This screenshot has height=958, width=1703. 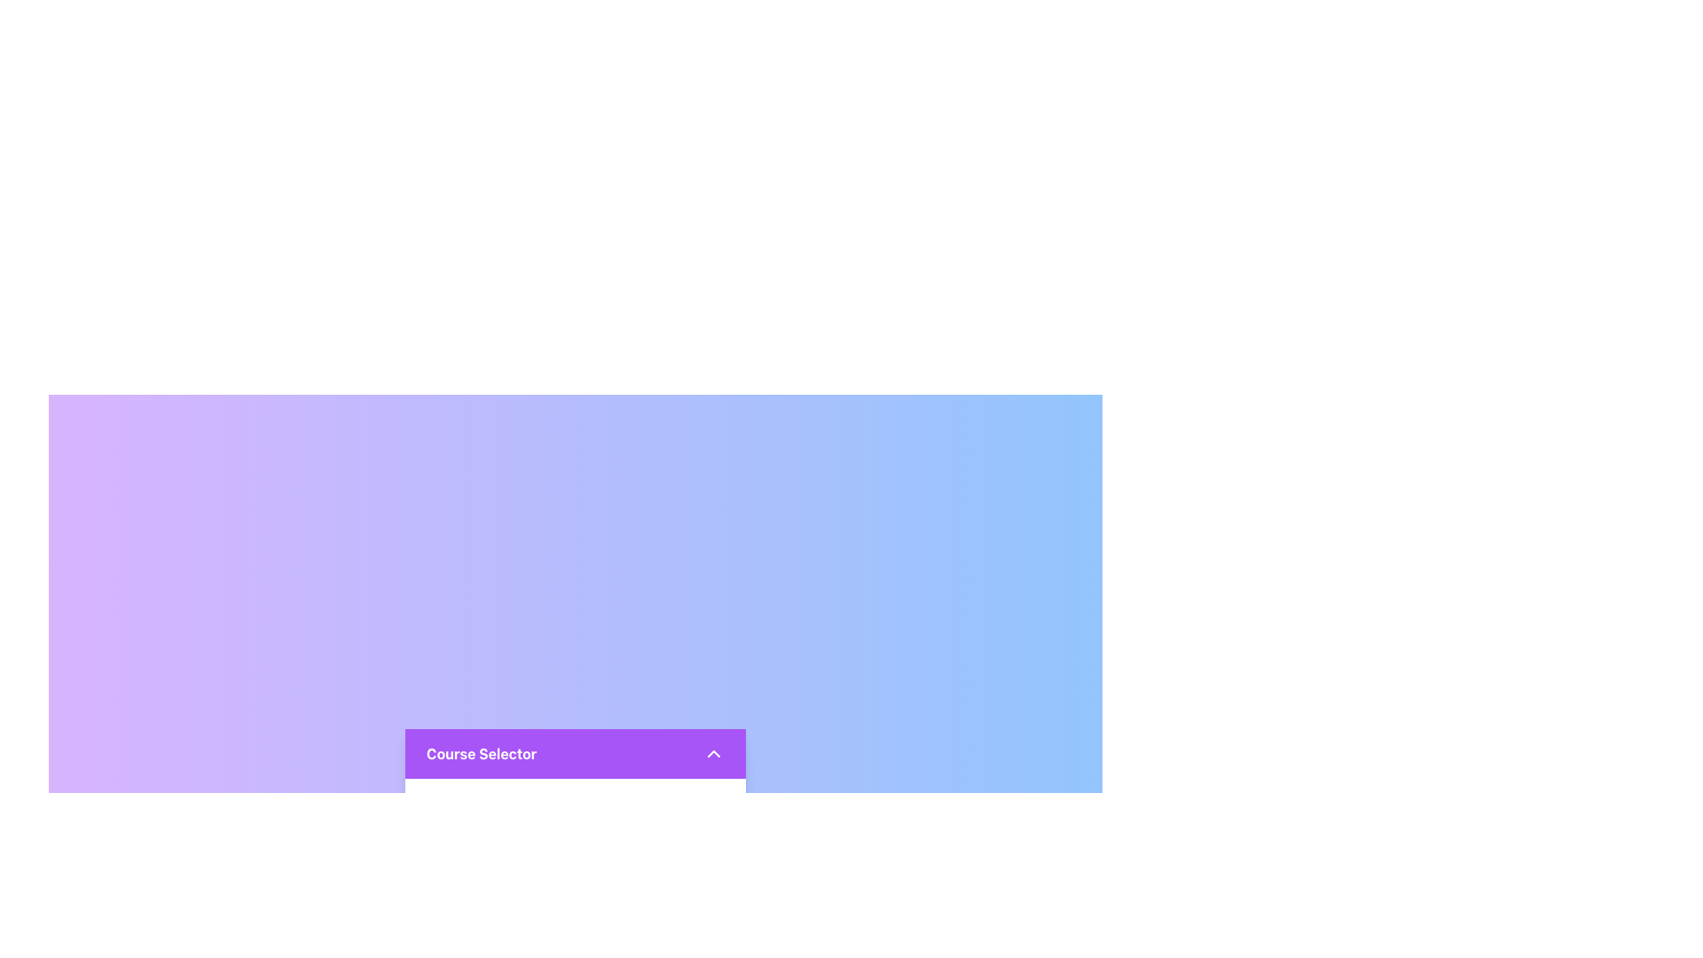 What do you see at coordinates (575, 753) in the screenshot?
I see `the chevron on the dropdown trigger at the top of the course options card` at bounding box center [575, 753].